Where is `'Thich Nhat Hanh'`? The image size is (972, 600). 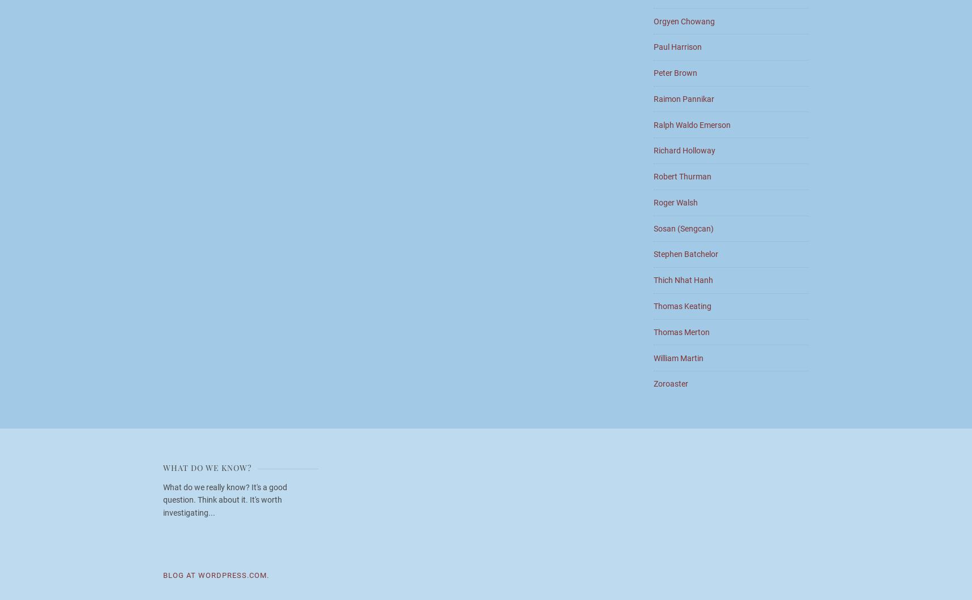 'Thich Nhat Hanh' is located at coordinates (683, 280).